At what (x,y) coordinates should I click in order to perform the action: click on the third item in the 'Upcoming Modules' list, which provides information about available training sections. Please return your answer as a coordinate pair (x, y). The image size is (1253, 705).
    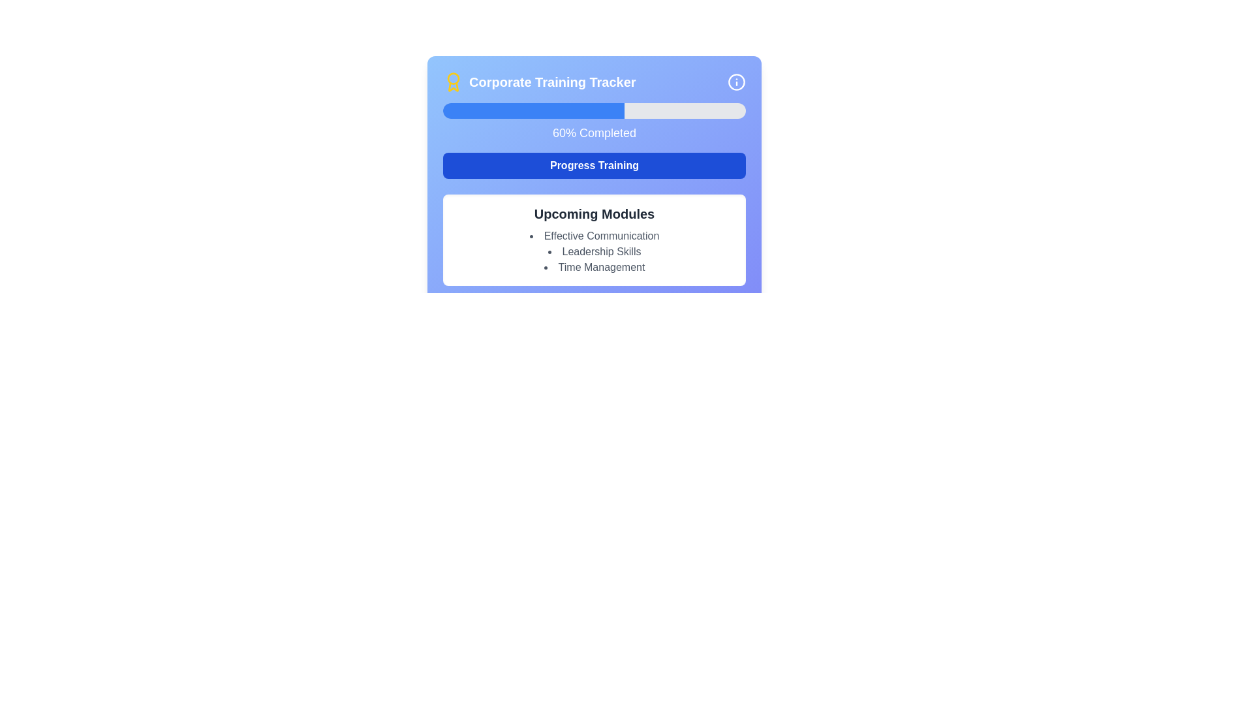
    Looking at the image, I should click on (594, 266).